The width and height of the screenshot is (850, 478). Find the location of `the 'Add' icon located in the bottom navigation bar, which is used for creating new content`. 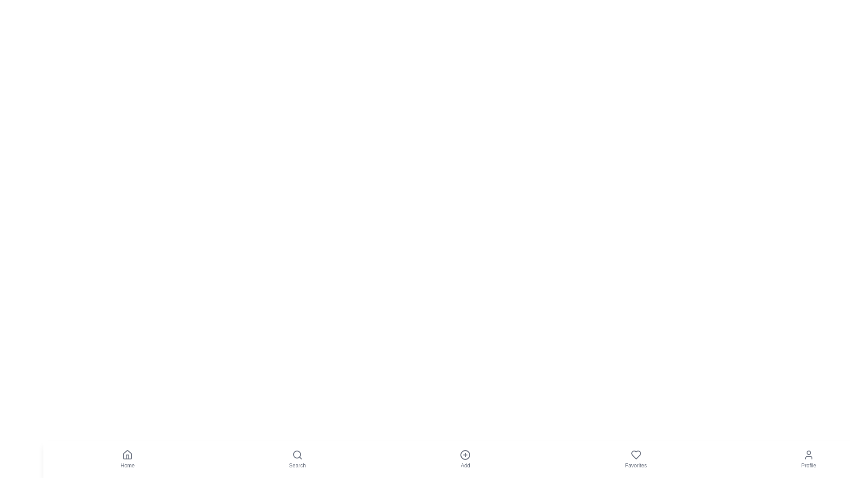

the 'Add' icon located in the bottom navigation bar, which is used for creating new content is located at coordinates (465, 455).